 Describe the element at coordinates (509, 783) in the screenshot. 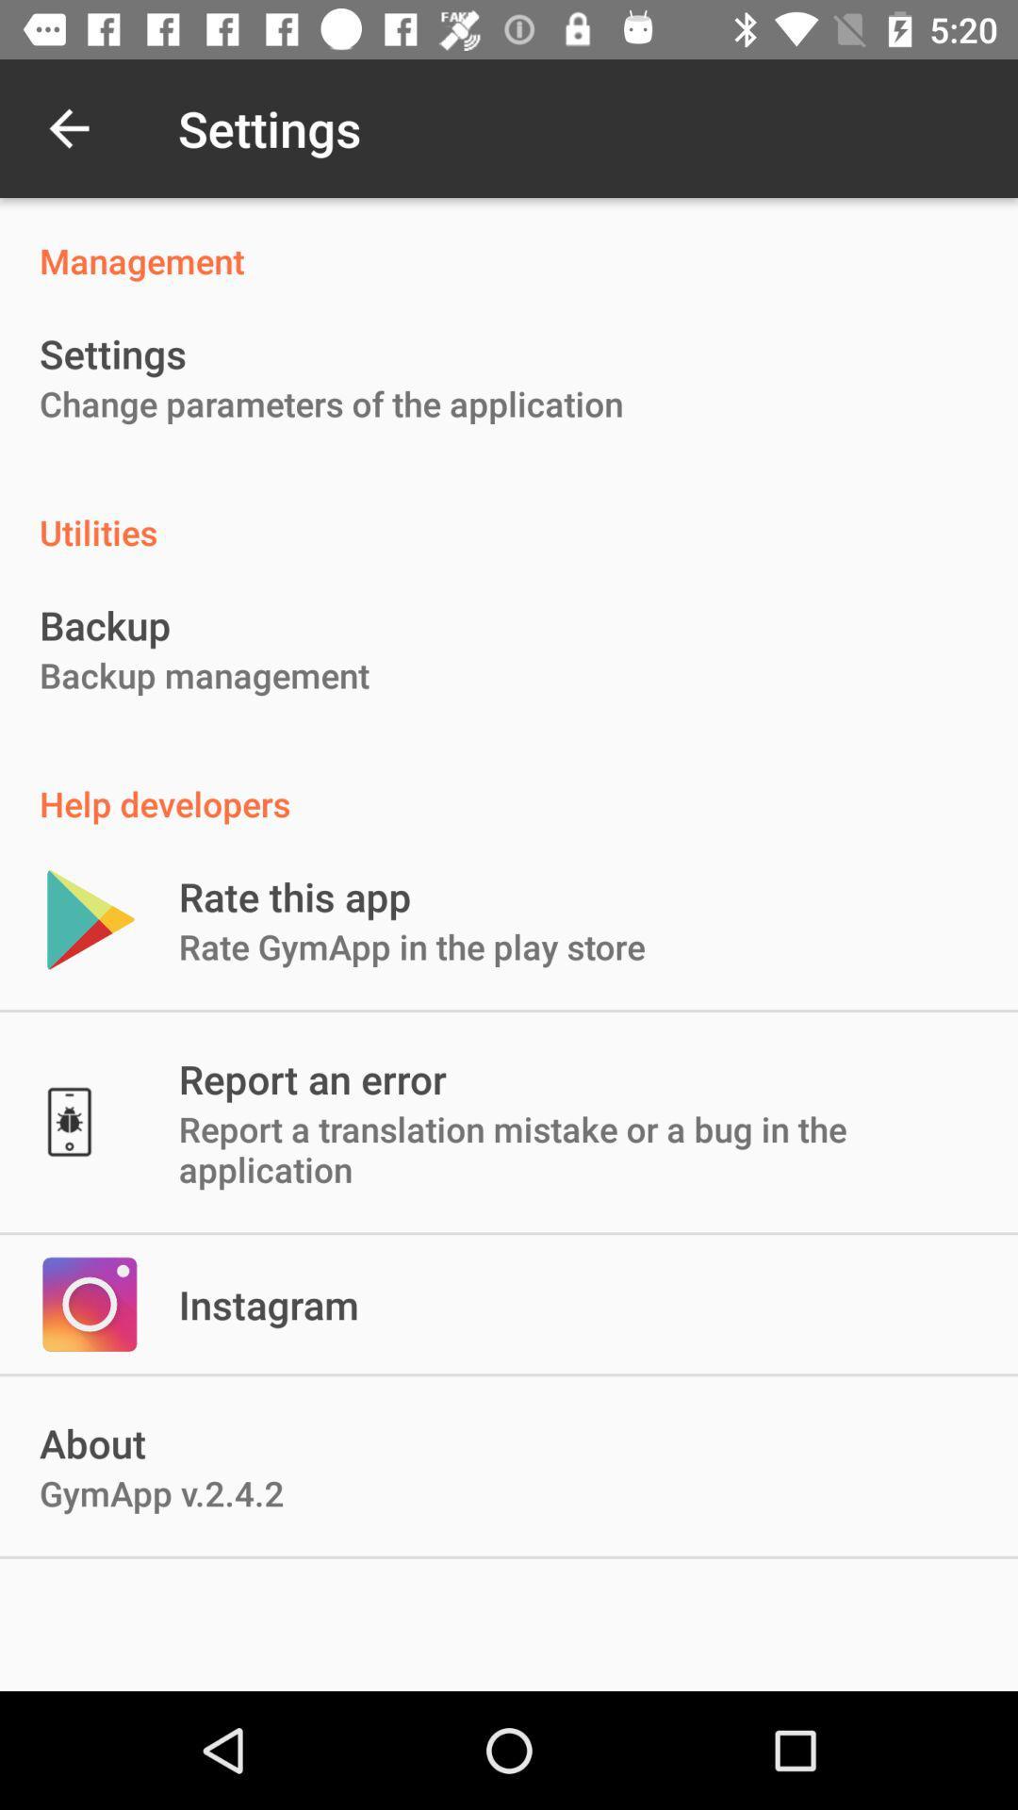

I see `help developers` at that location.